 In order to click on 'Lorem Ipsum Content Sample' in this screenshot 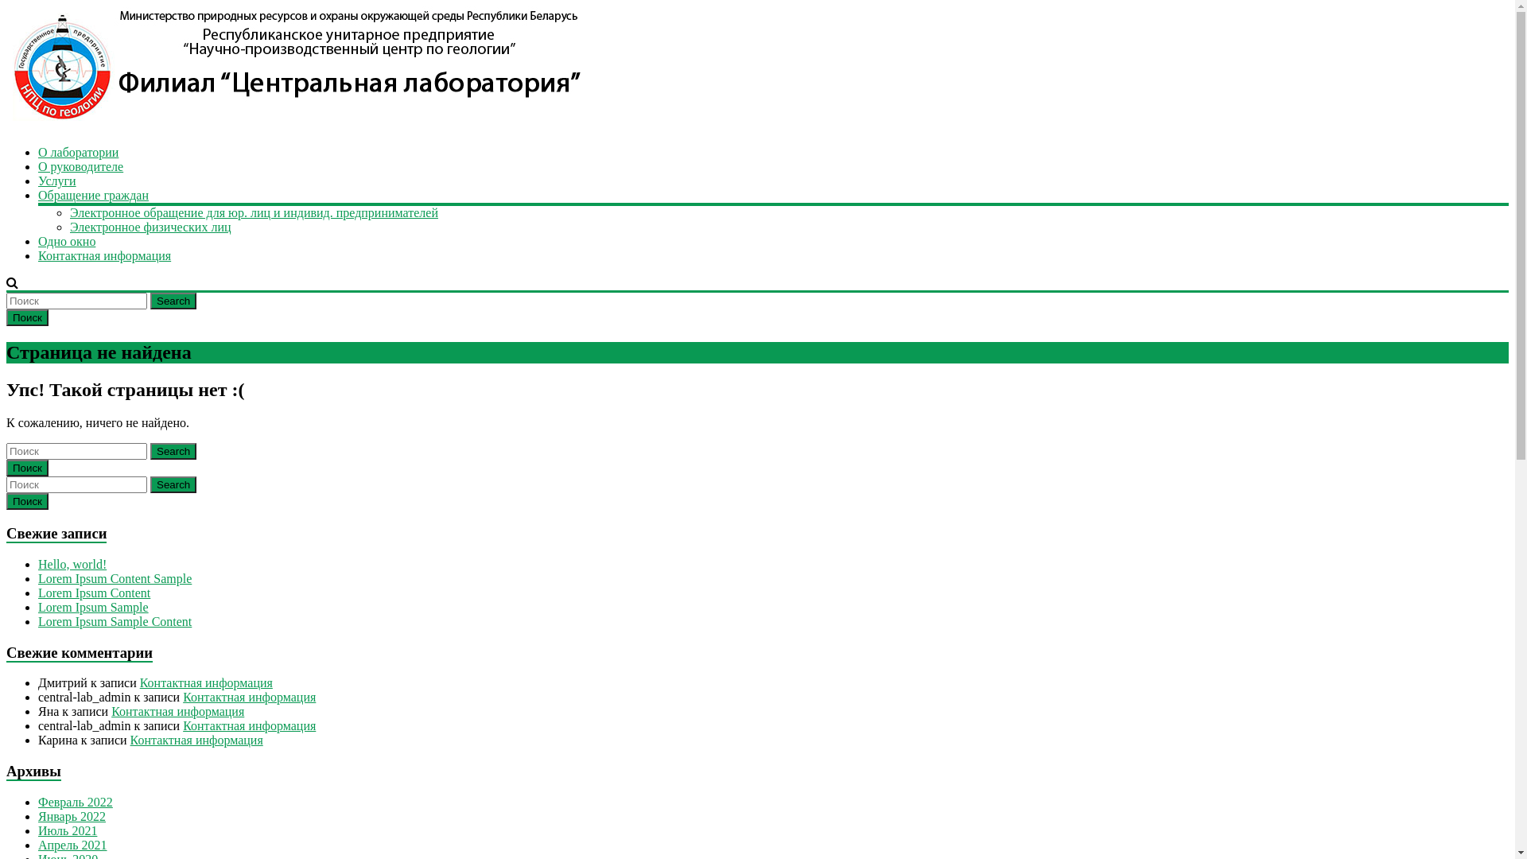, I will do `click(114, 578)`.